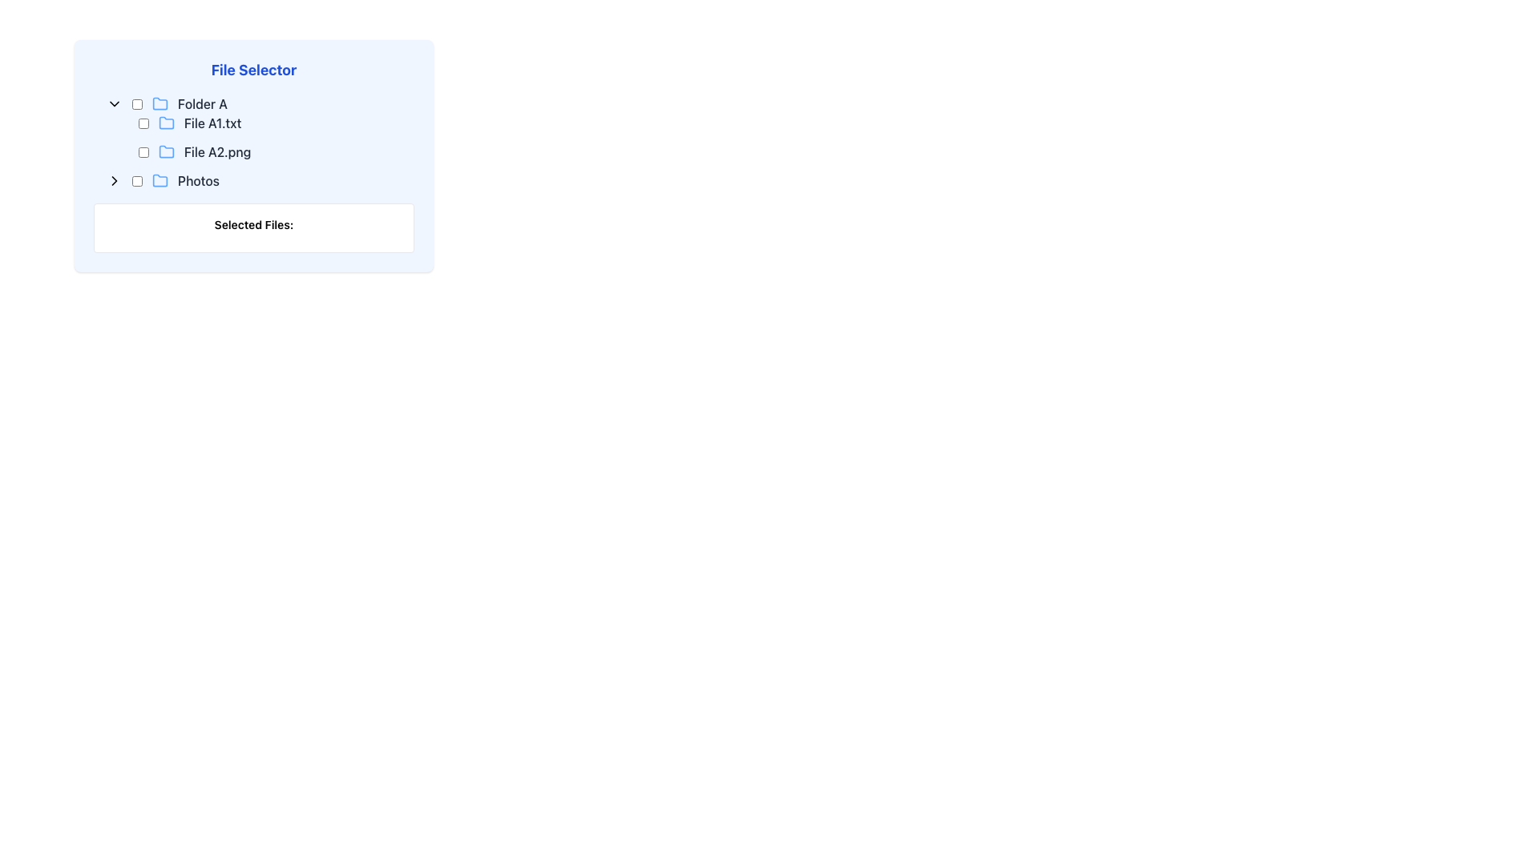 The image size is (1539, 865). Describe the element at coordinates (160, 103) in the screenshot. I see `the folder icon representing 'Folder A' in the 'File Selector' panel` at that location.